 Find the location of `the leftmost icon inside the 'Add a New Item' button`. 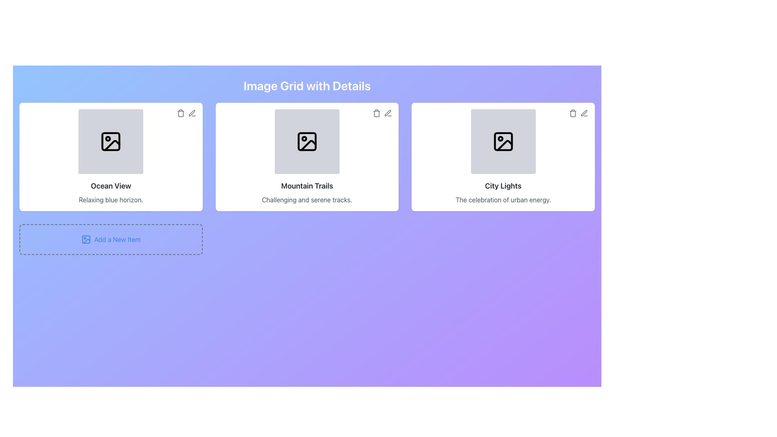

the leftmost icon inside the 'Add a New Item' button is located at coordinates (86, 239).